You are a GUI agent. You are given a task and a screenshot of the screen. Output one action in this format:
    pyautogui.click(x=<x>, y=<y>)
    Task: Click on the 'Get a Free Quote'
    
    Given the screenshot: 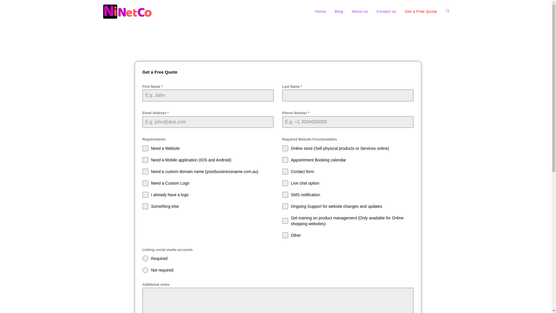 What is the action you would take?
    pyautogui.click(x=421, y=11)
    